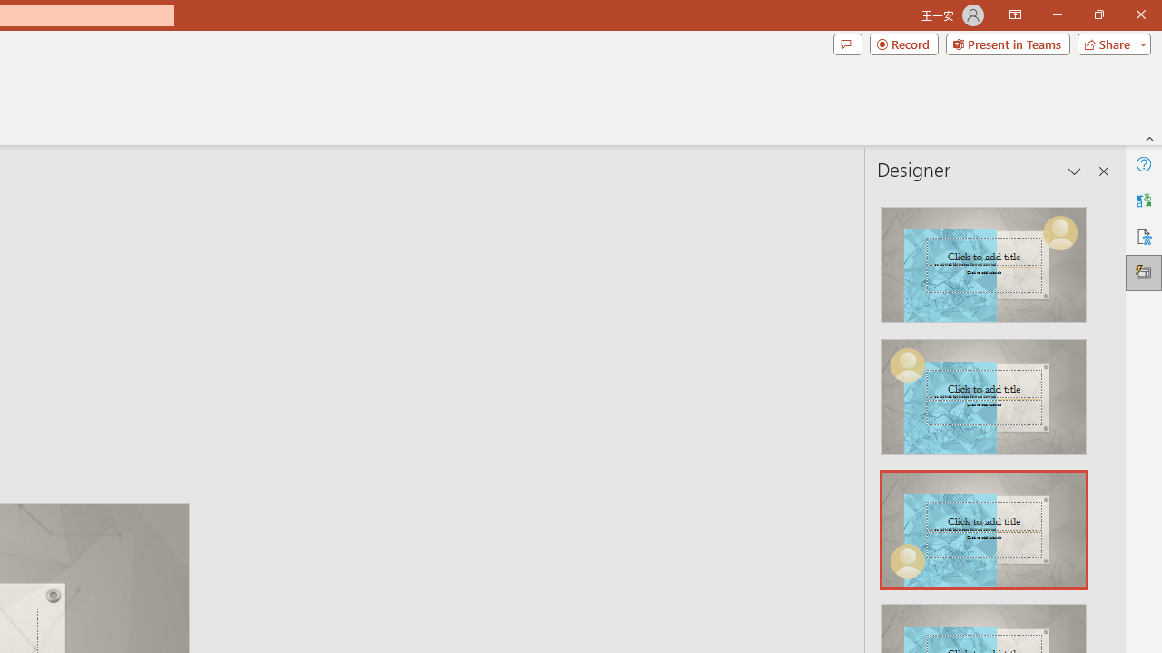  I want to click on 'Accessibility', so click(1143, 236).